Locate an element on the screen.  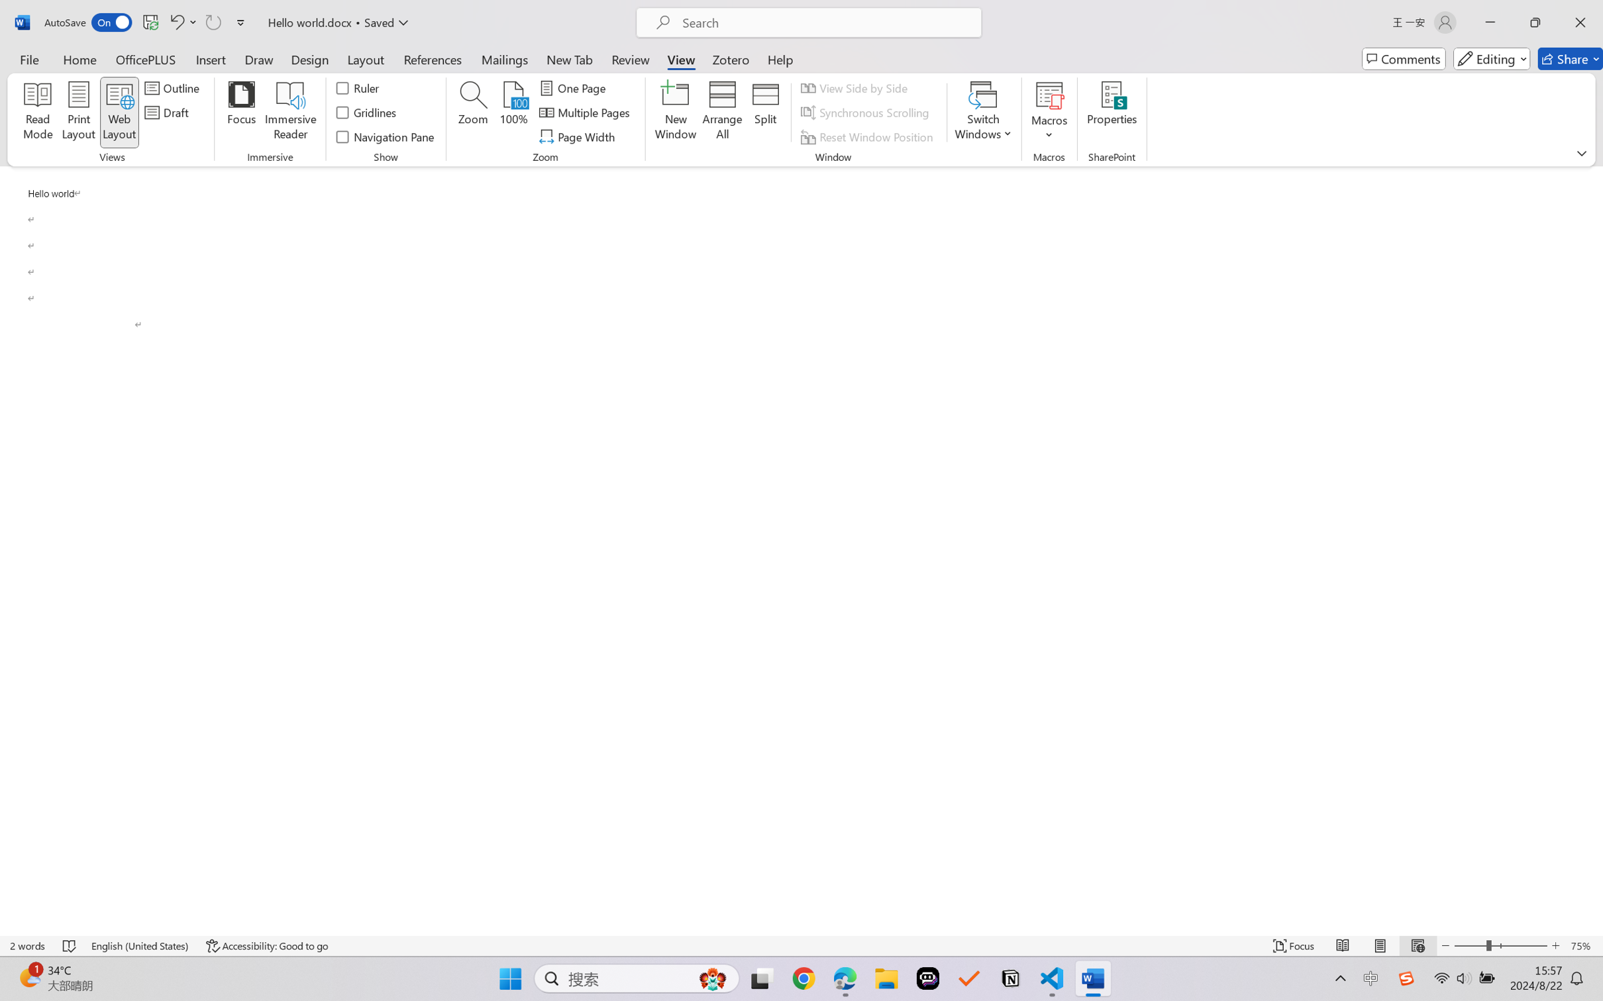
'Customize Quick Access Toolbar' is located at coordinates (240, 22).